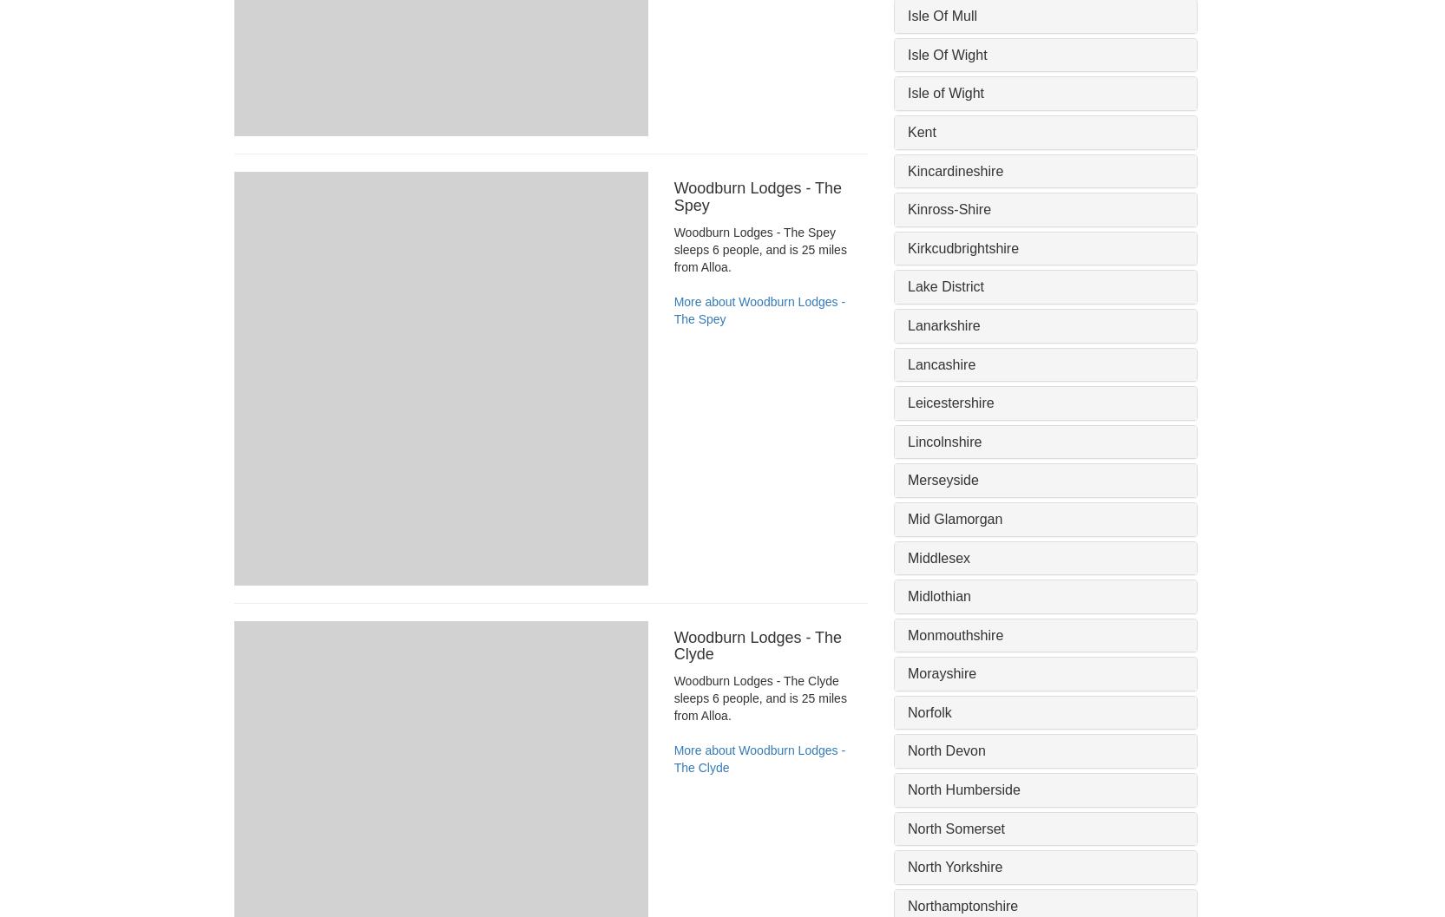 The image size is (1445, 917). What do you see at coordinates (937, 595) in the screenshot?
I see `'Midlothian'` at bounding box center [937, 595].